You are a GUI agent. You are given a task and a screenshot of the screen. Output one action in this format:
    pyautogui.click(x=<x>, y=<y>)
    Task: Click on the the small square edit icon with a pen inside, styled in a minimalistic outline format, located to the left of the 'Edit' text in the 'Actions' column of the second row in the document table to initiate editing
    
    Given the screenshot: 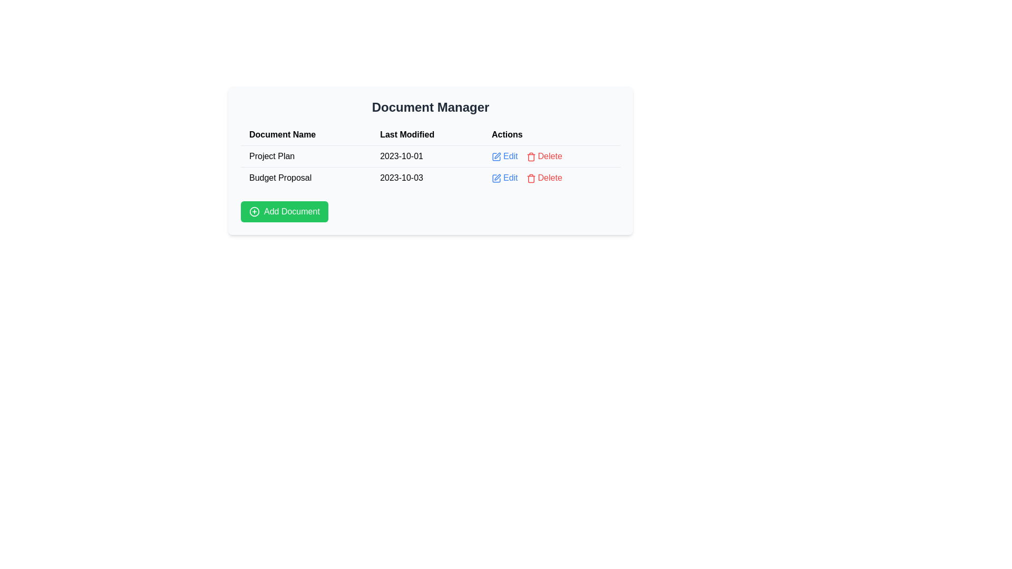 What is the action you would take?
    pyautogui.click(x=495, y=178)
    